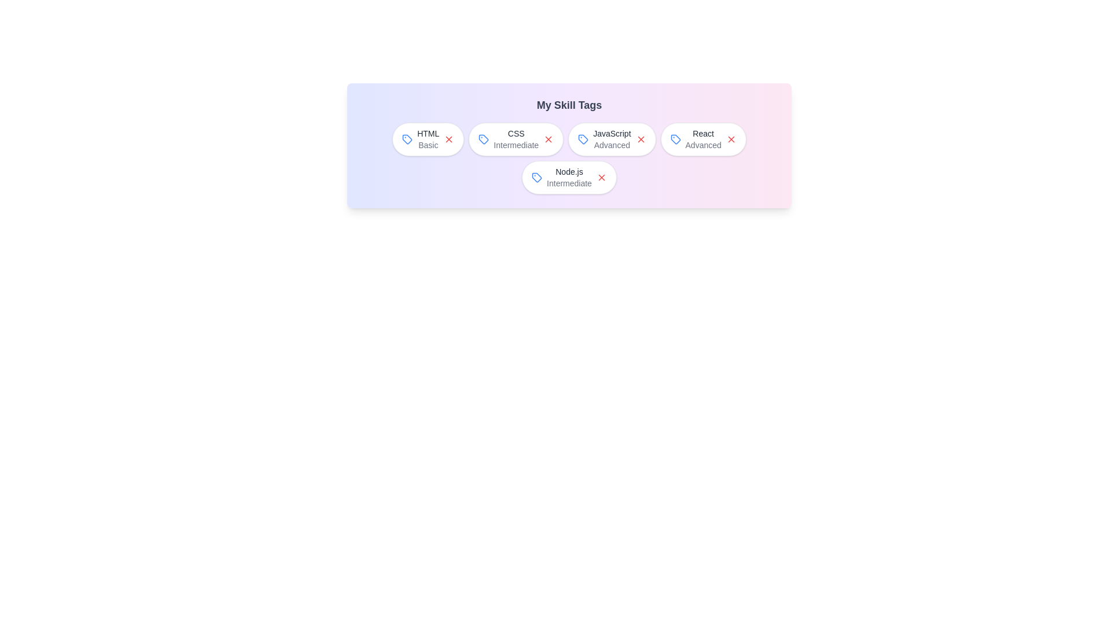 Image resolution: width=1111 pixels, height=625 pixels. What do you see at coordinates (702, 138) in the screenshot?
I see `the skill tag React` at bounding box center [702, 138].